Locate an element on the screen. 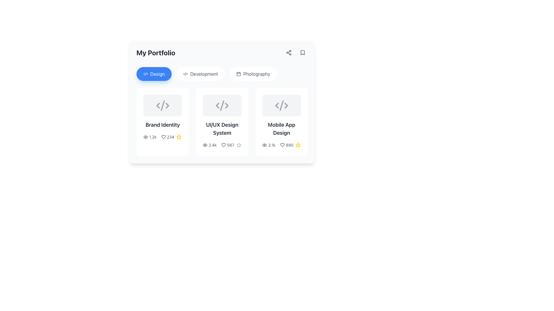 This screenshot has width=554, height=311. the graphical representation icon located centrally among its siblings within the first card of the grid layout below the 'My Portfolio' heading is located at coordinates (162, 105).